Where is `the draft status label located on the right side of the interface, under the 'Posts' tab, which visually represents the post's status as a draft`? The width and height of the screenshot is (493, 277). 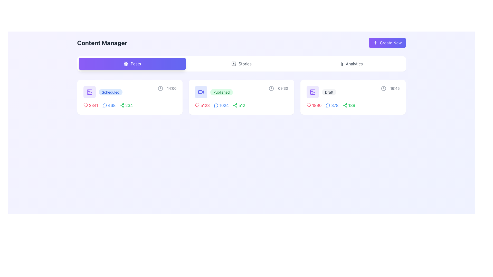 the draft status label located on the right side of the interface, under the 'Posts' tab, which visually represents the post's status as a draft is located at coordinates (329, 92).